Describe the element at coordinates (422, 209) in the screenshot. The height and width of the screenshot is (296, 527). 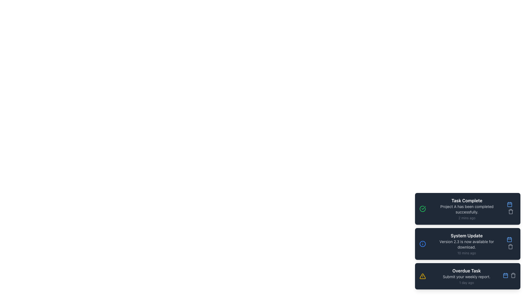
I see `the success icon located on the left-hand side of the 'Task Complete' card in the first notification card of the vertical list` at that location.